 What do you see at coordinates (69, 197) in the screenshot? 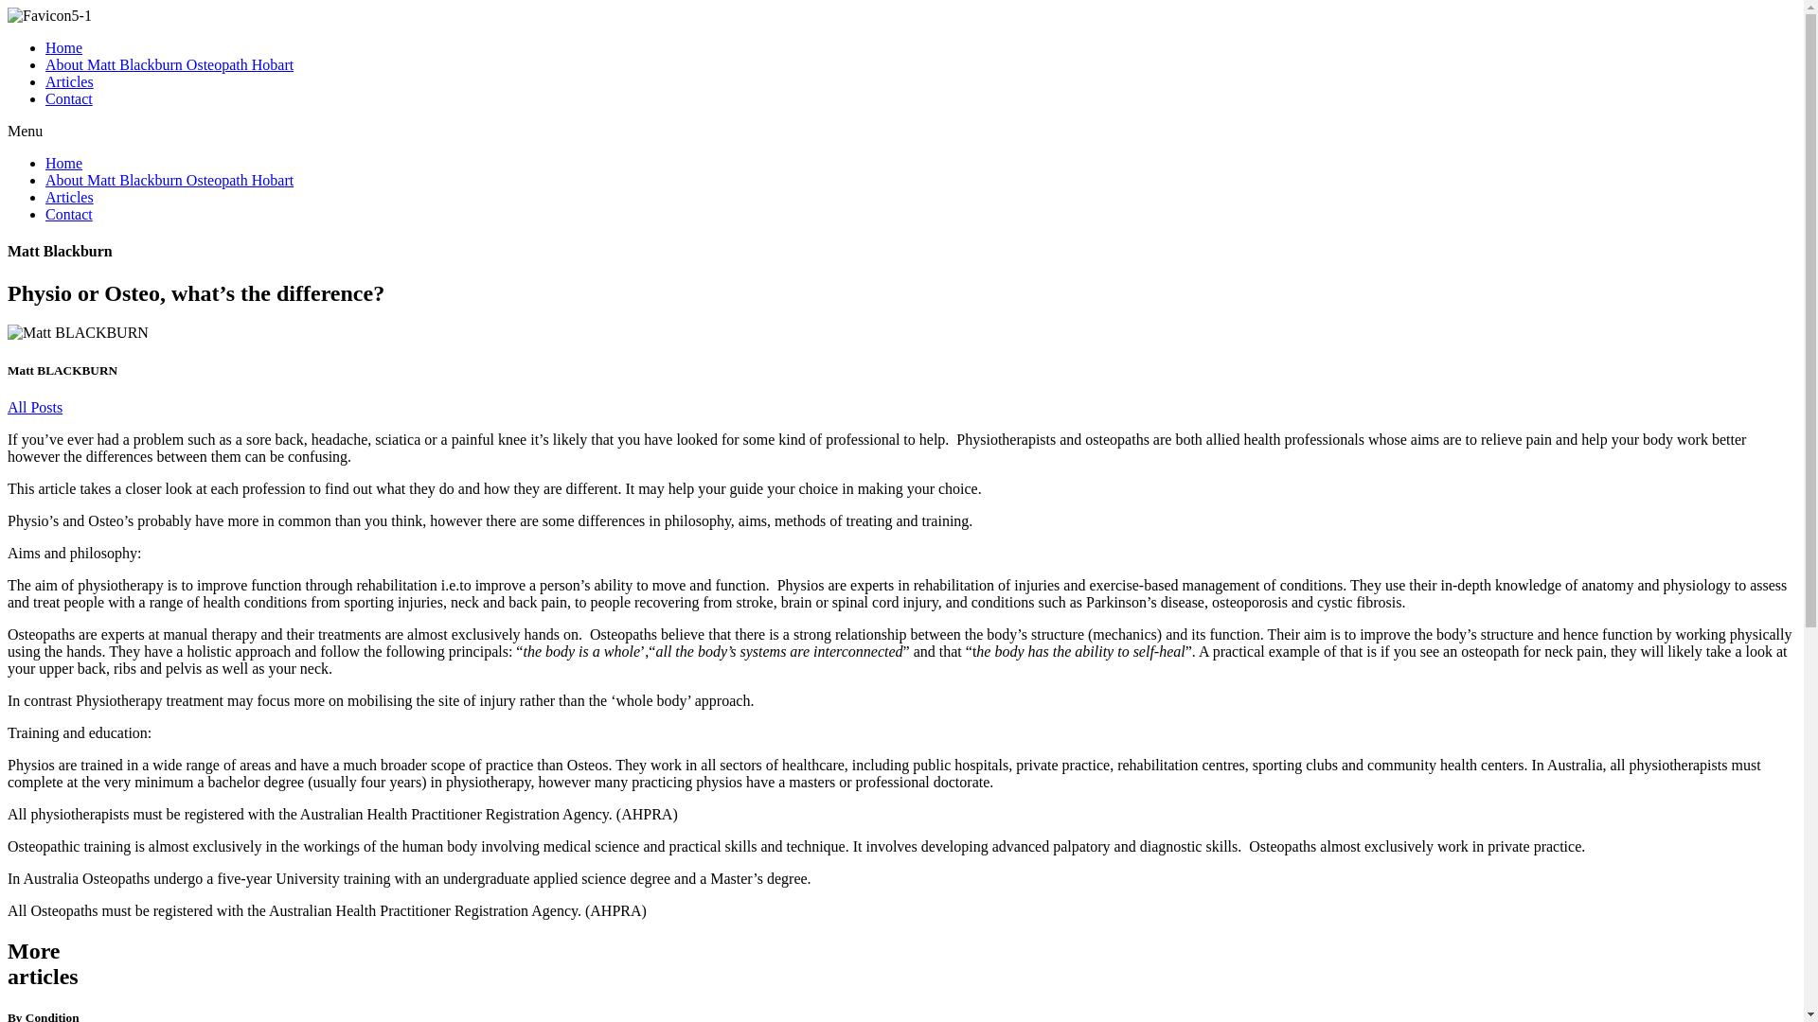
I see `'Articles'` at bounding box center [69, 197].